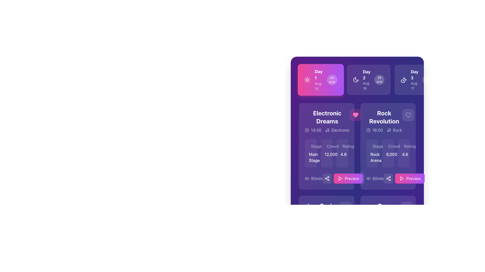 This screenshot has width=485, height=272. What do you see at coordinates (408, 115) in the screenshot?
I see `the heart-shaped icon with a hollow outline in the upper-right corner of the 'Rock Revolution' panel` at bounding box center [408, 115].